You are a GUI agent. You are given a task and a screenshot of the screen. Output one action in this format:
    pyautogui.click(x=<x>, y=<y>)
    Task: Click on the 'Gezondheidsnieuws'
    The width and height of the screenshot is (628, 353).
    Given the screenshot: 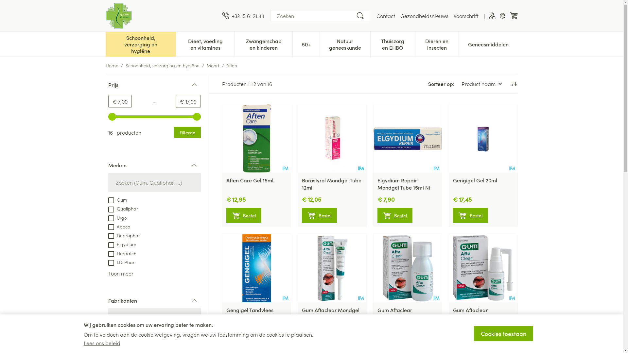 What is the action you would take?
    pyautogui.click(x=424, y=15)
    